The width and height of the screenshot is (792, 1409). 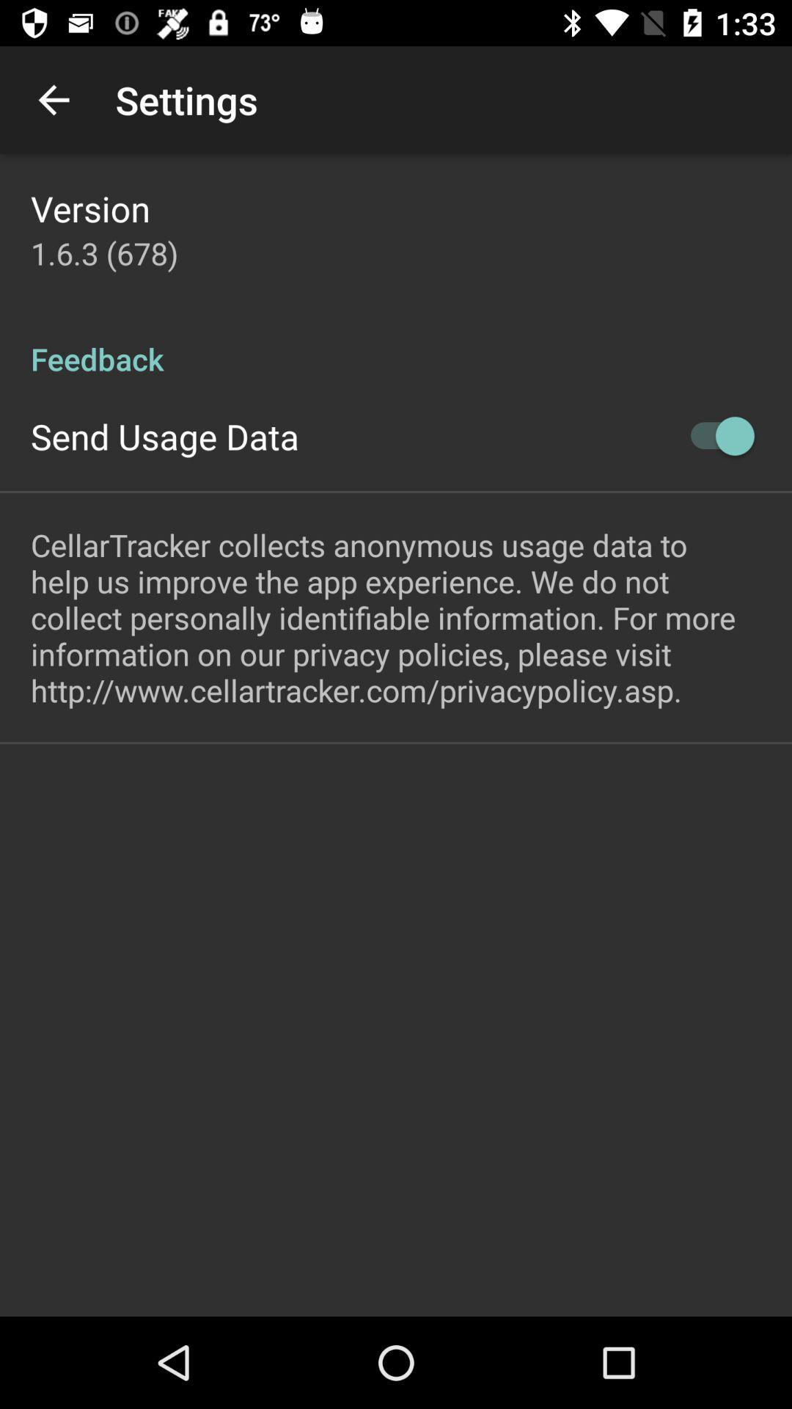 What do you see at coordinates (53, 99) in the screenshot?
I see `the icon to the left of the settings item` at bounding box center [53, 99].